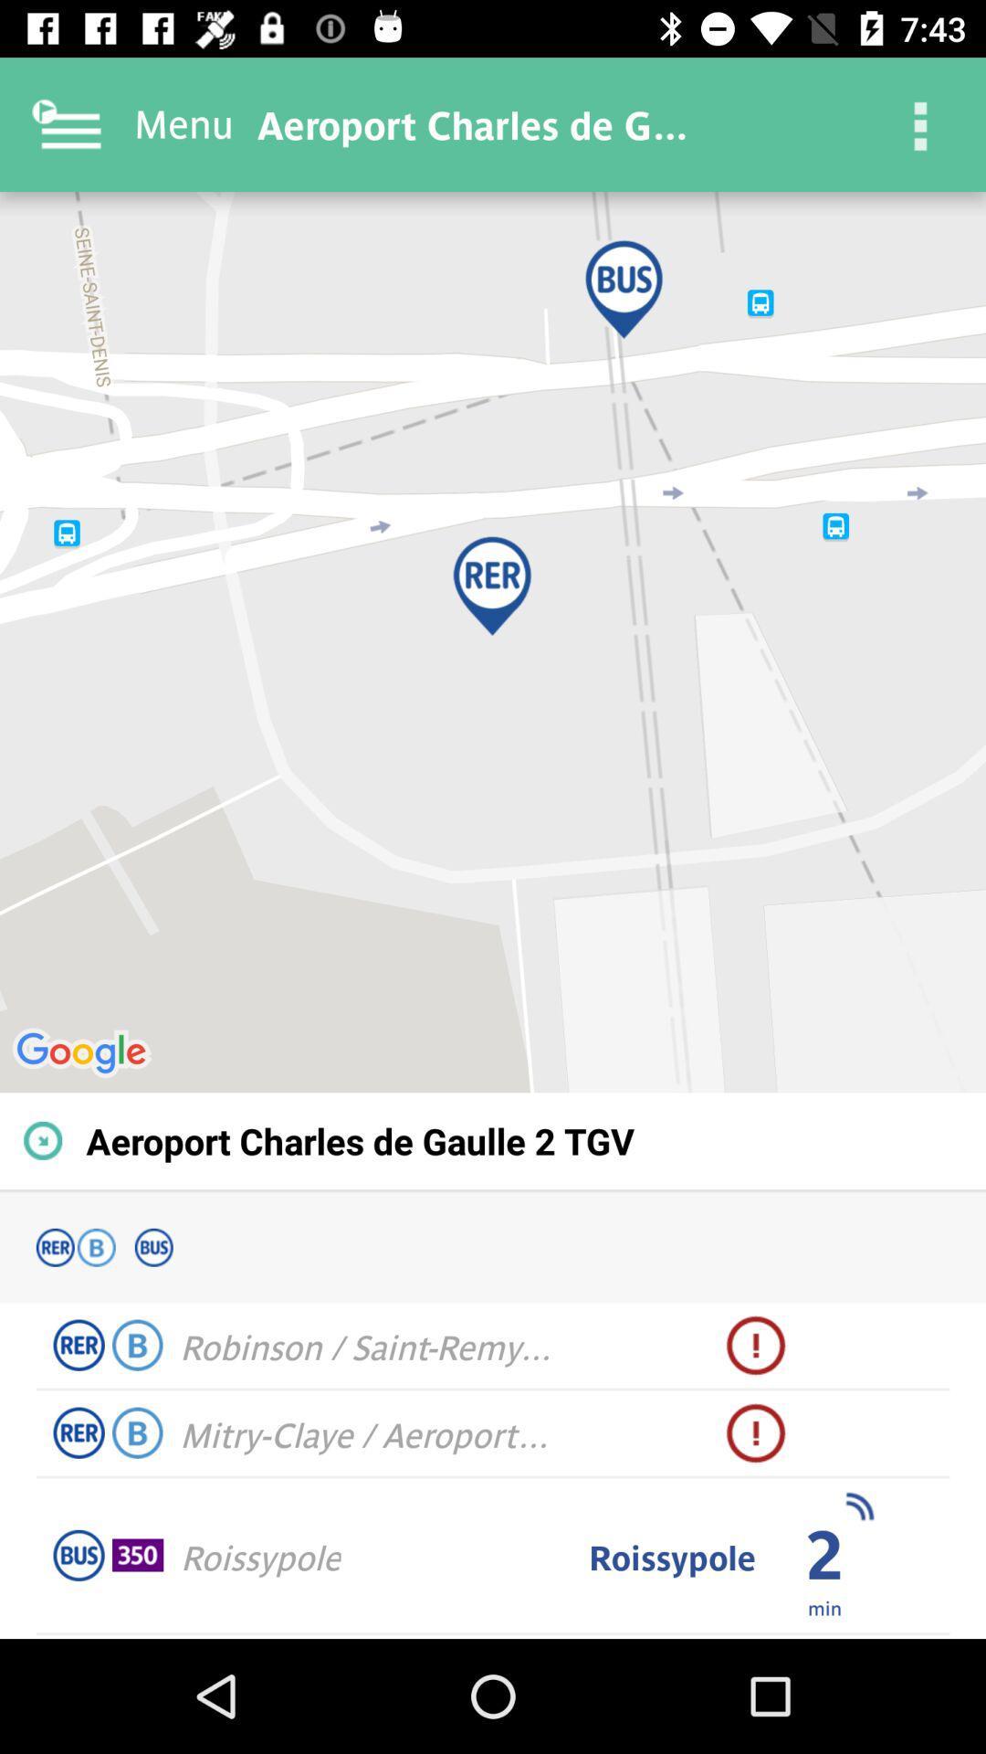  I want to click on the icon above the min, so click(859, 1506).